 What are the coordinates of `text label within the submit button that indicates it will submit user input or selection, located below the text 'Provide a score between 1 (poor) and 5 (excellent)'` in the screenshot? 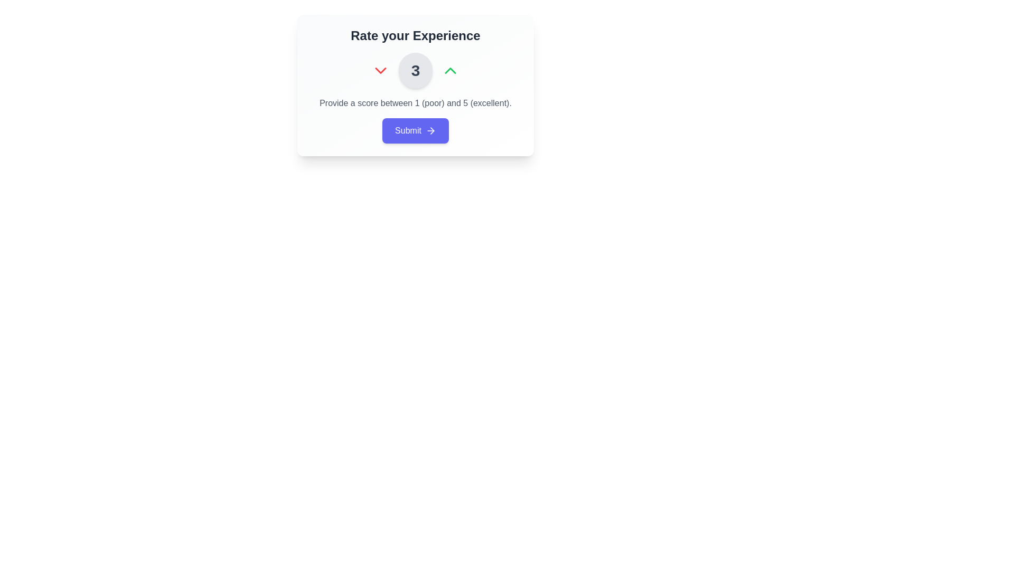 It's located at (407, 130).